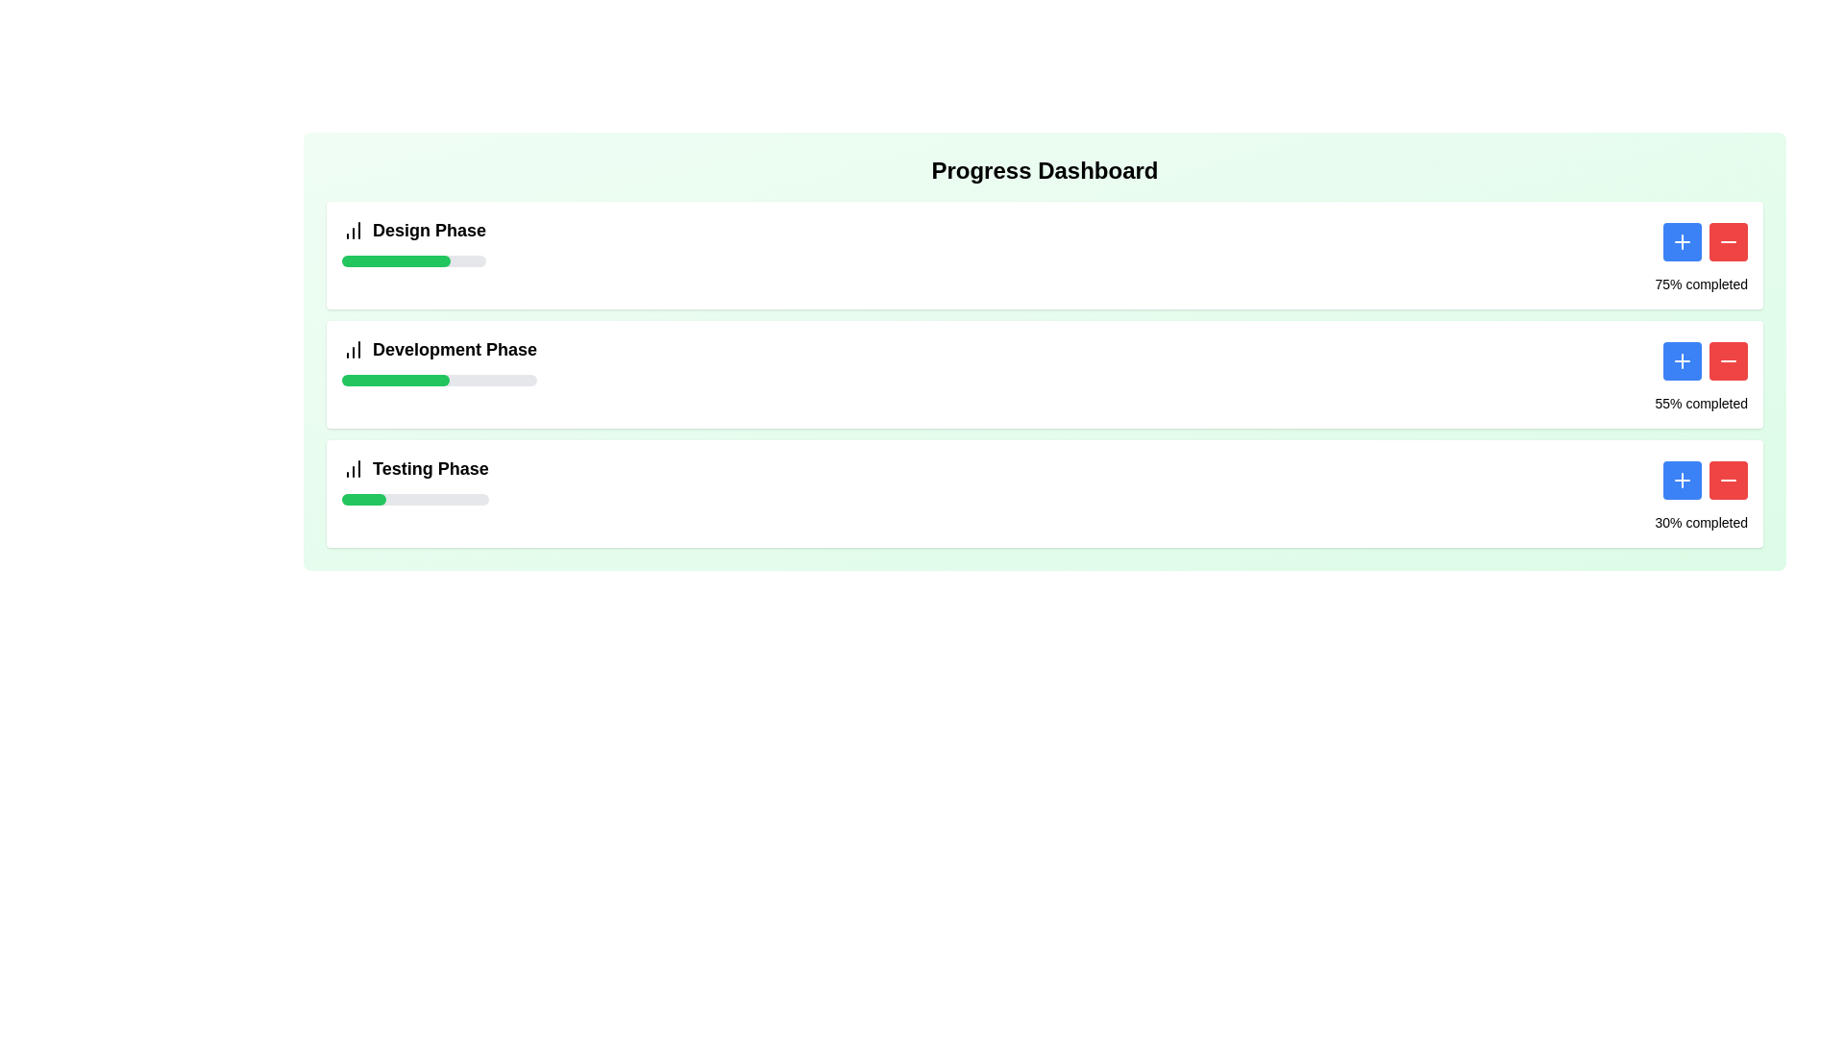 Image resolution: width=1845 pixels, height=1038 pixels. I want to click on the button in the 'Development Phase' section that decreases the quantity or level, located in the second row as the second button on the right after the blue plus icon button, so click(1729, 360).